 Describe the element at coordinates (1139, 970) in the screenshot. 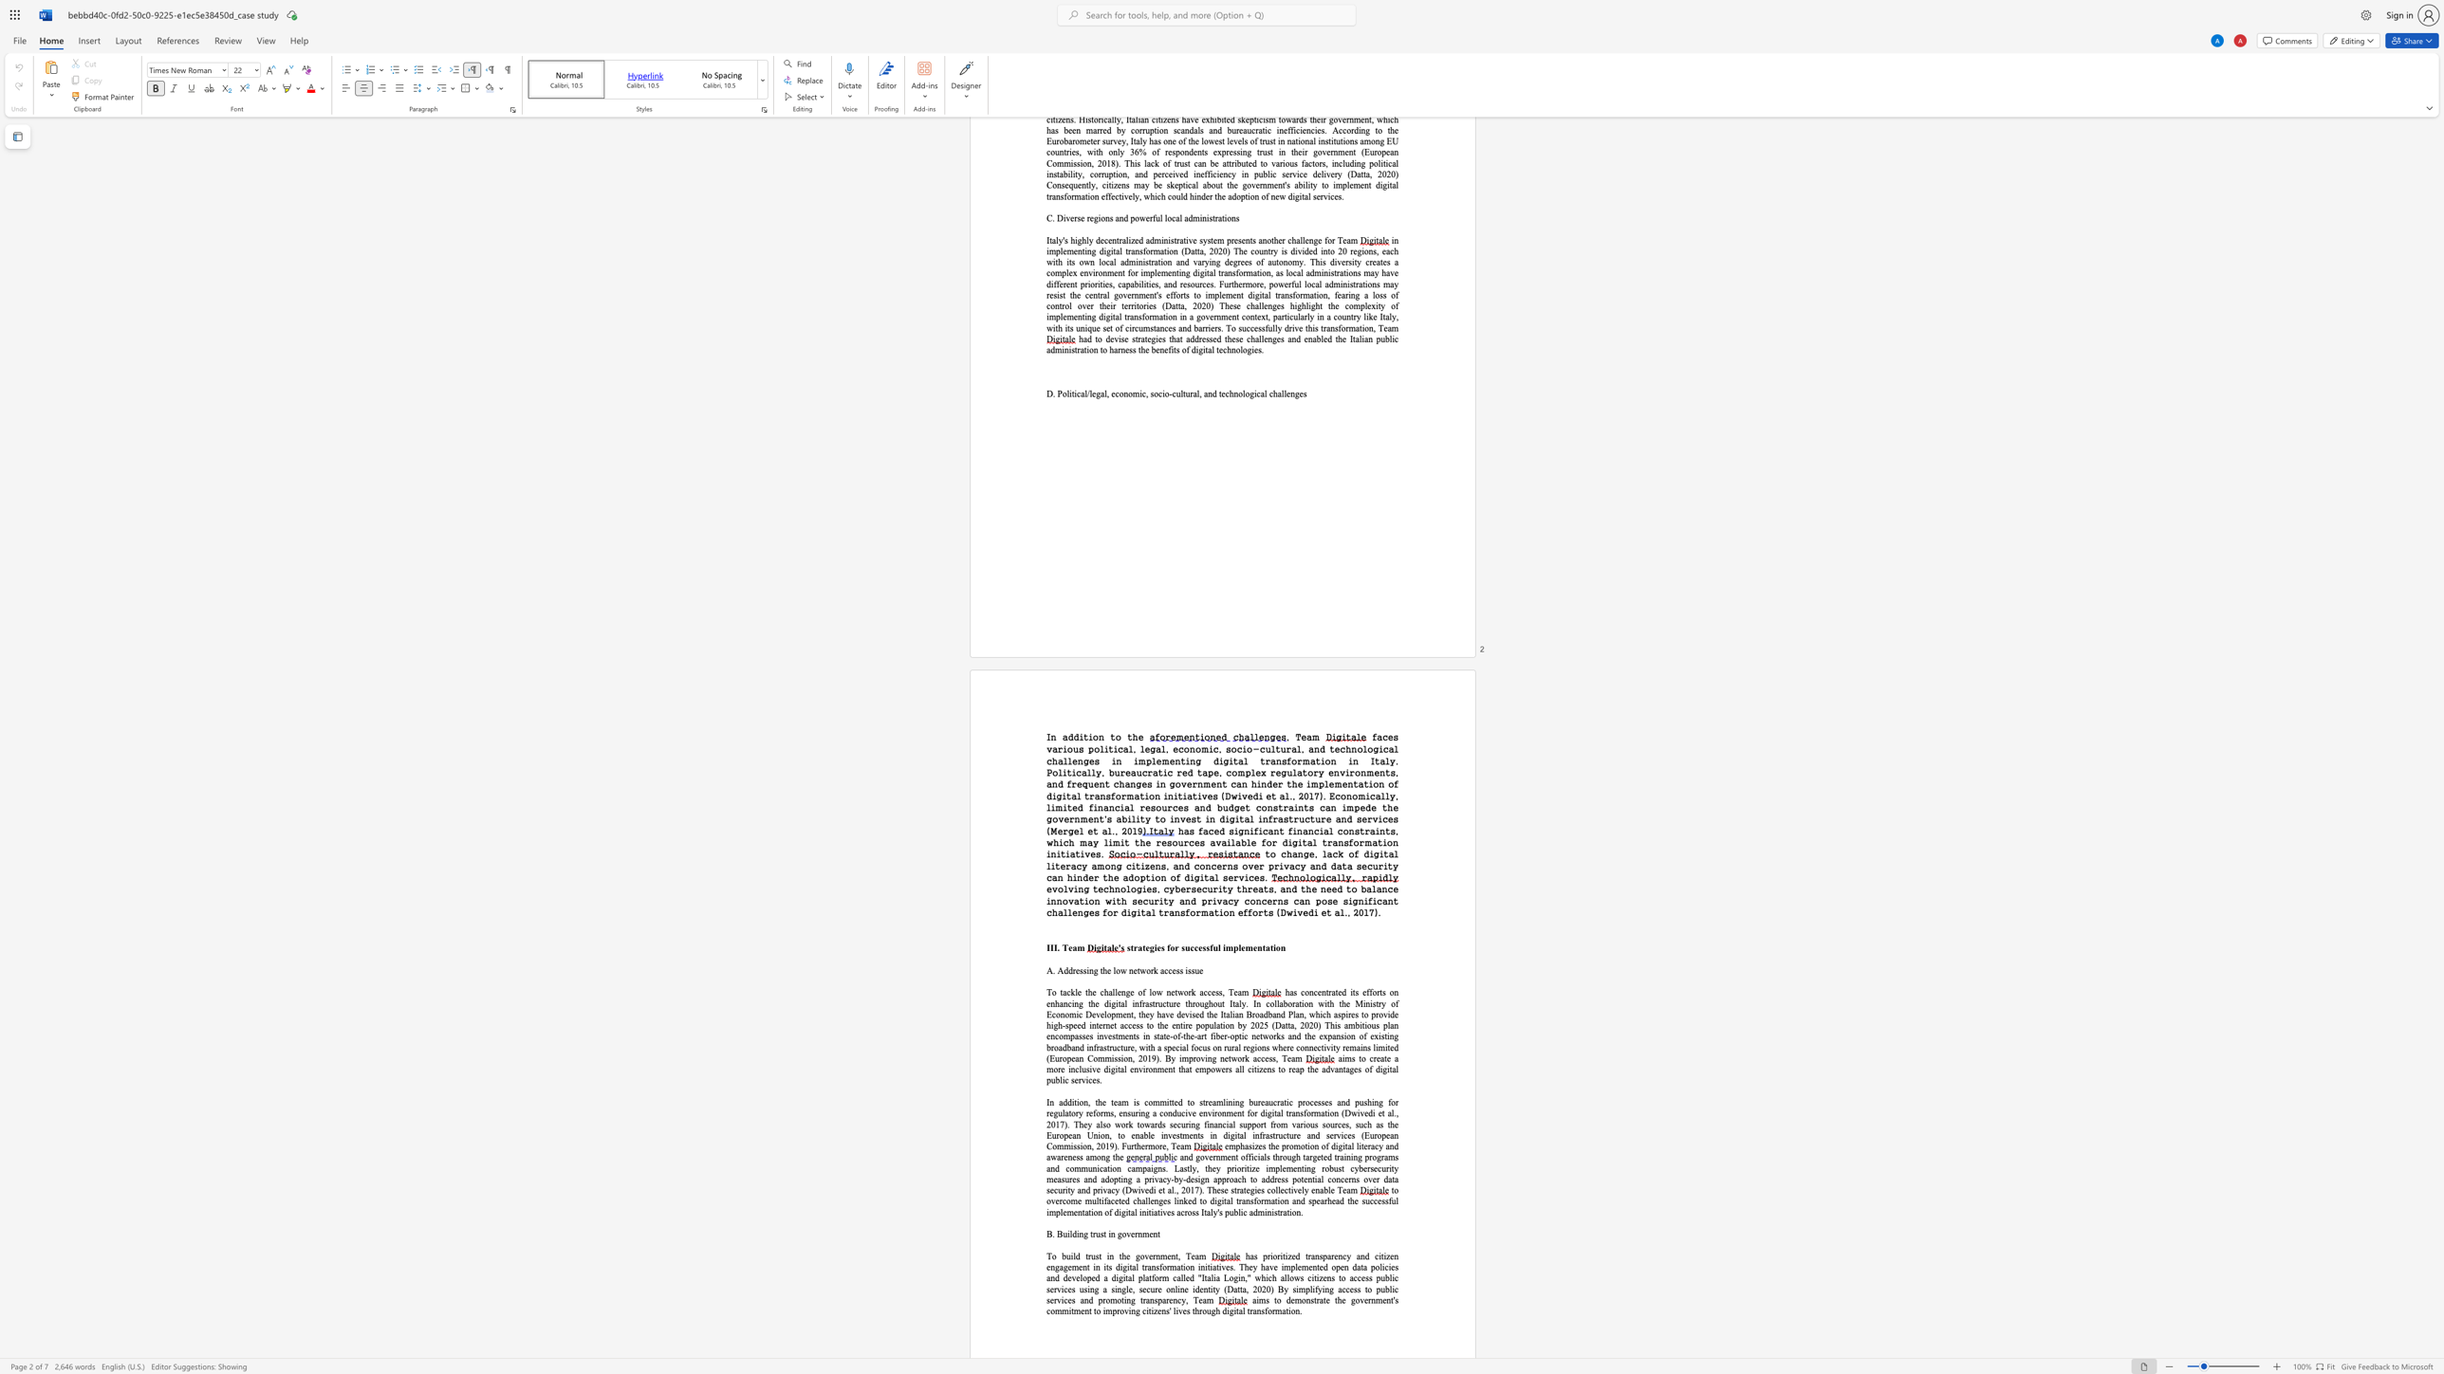

I see `the subset text "work access i" within the text "A. Addressing the low network access issue"` at that location.